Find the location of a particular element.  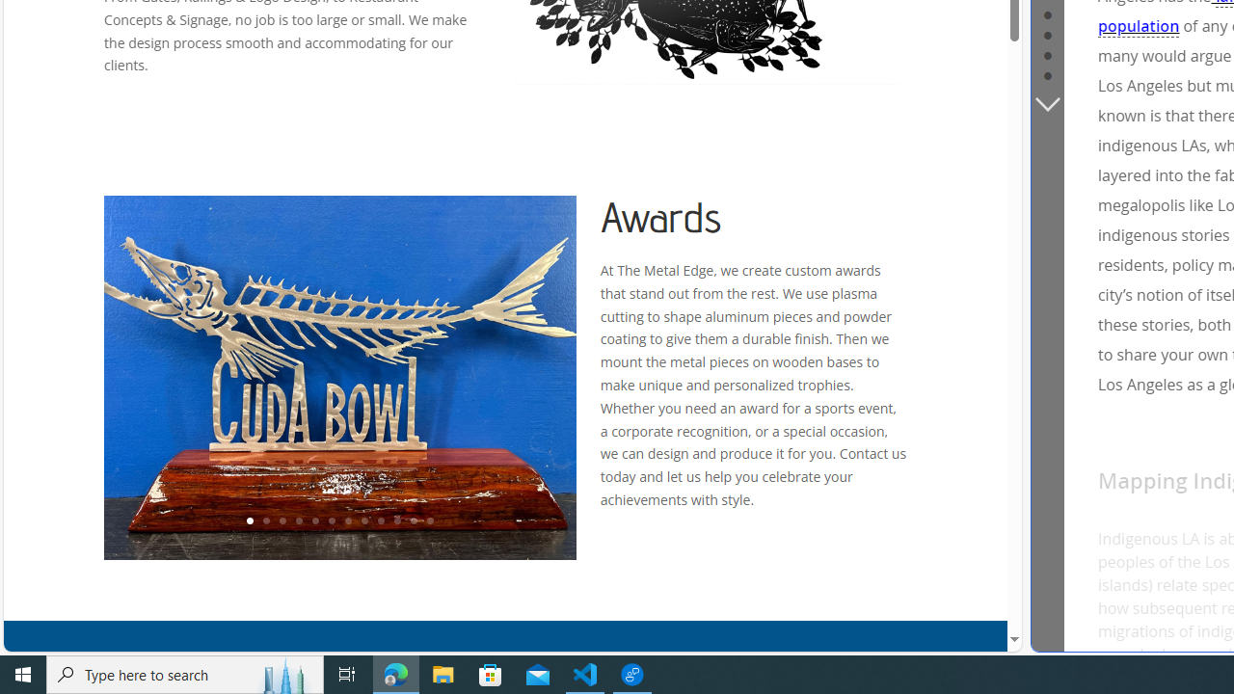

'Next section' is located at coordinates (1046, 102).